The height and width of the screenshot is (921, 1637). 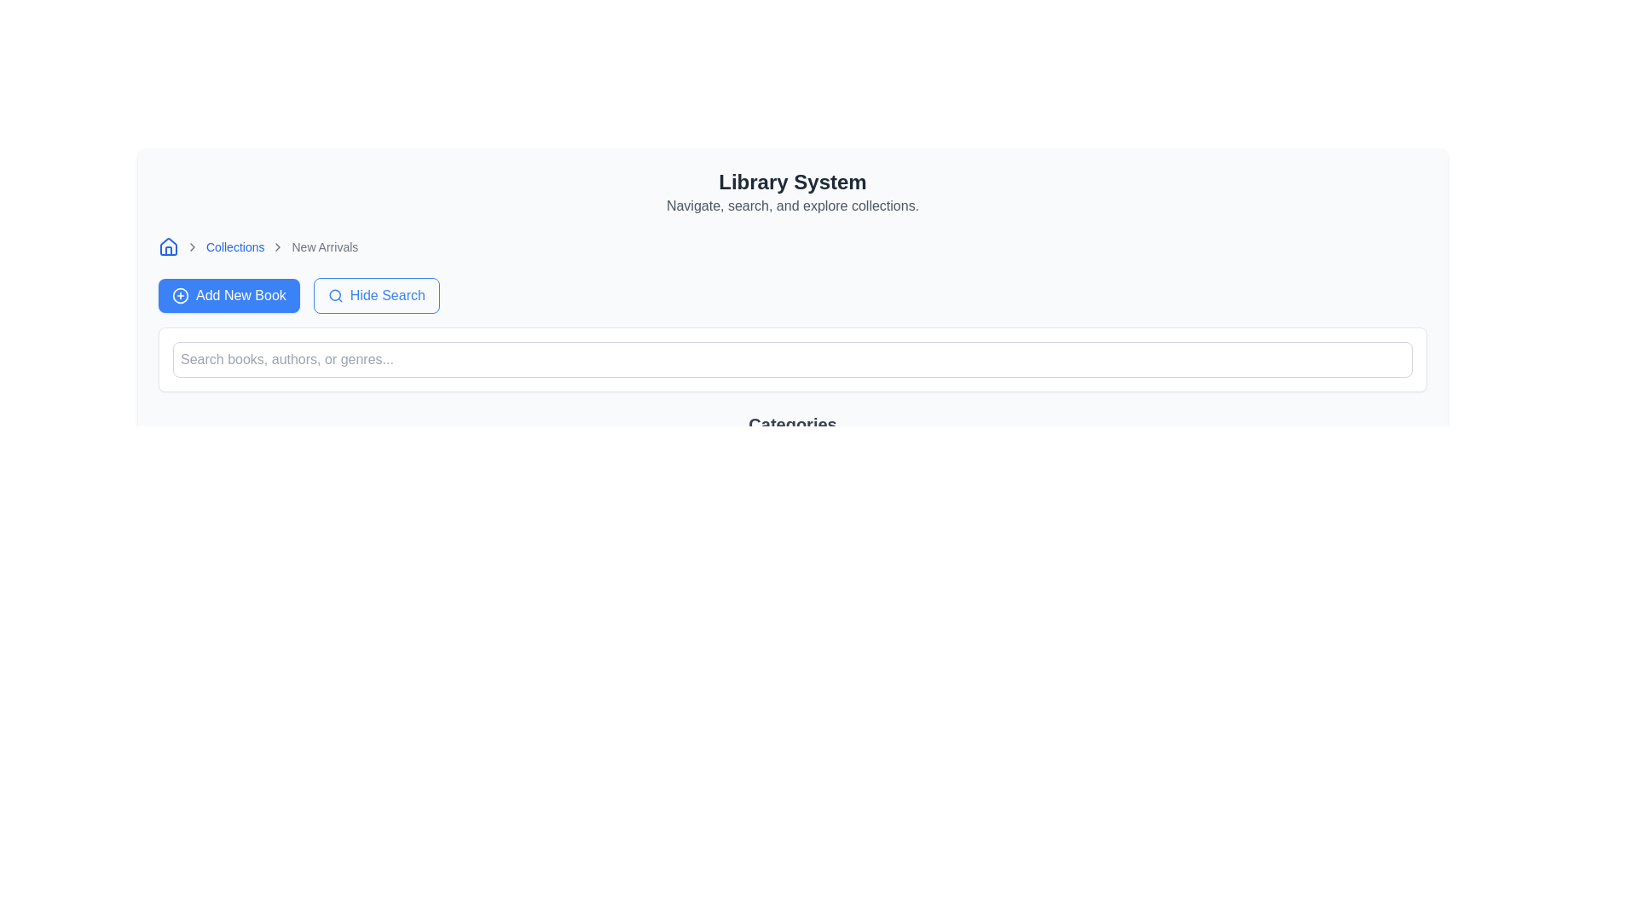 What do you see at coordinates (325, 246) in the screenshot?
I see `the 'New Arrivals' text label, which is a medium-sized gray font label part of the breadcrumb navigation structure, located next to a right-pointing arrow icon and following the text 'Collections'` at bounding box center [325, 246].